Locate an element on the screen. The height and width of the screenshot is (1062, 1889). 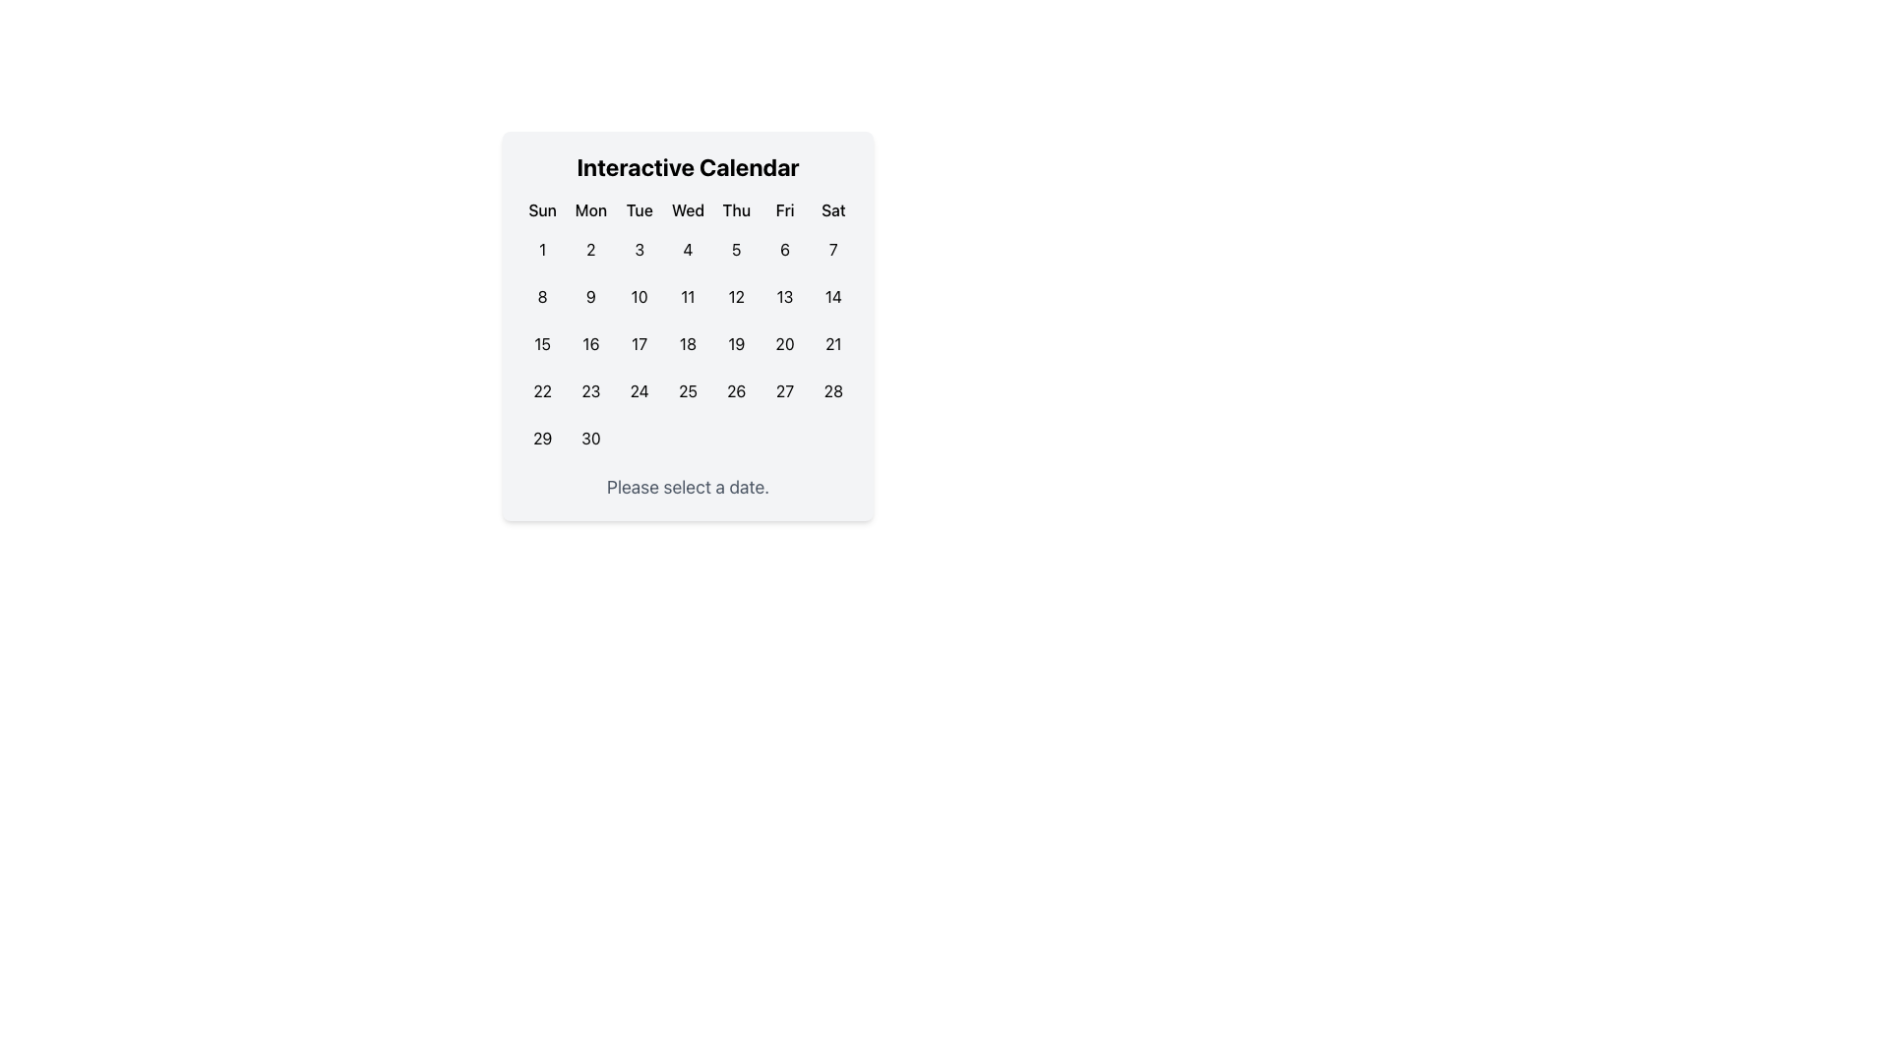
the Button-like interactive grid cell representing the 26th day of the currently displayed month in the calendar grid is located at coordinates (735, 390).